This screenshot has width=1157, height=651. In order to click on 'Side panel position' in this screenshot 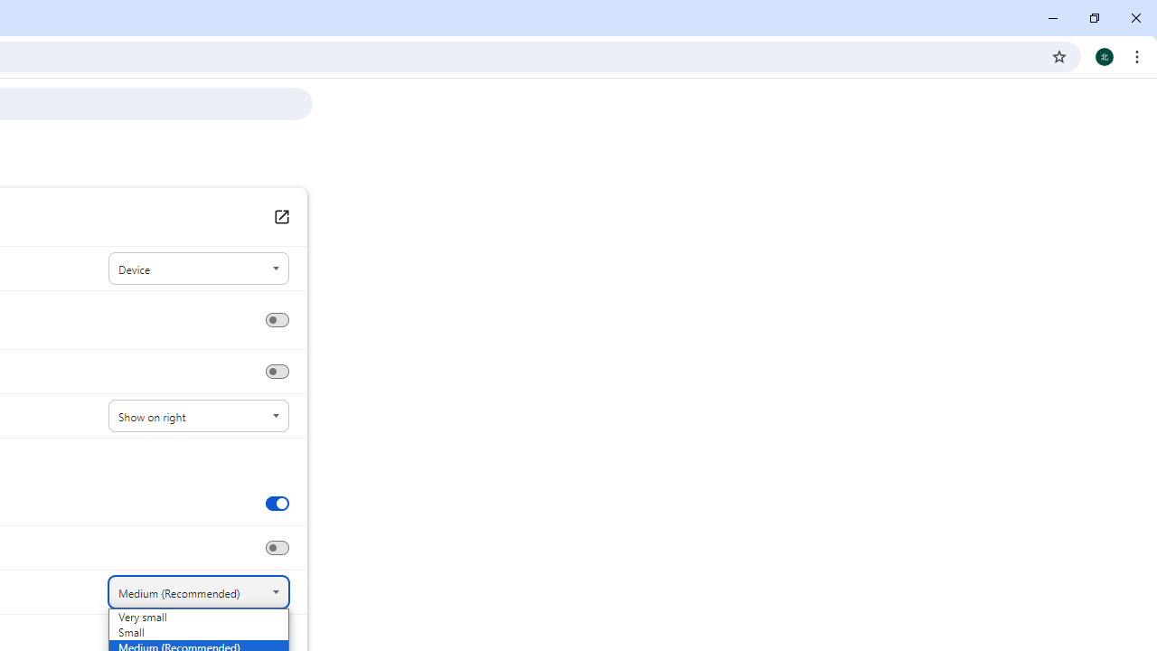, I will do `click(198, 416)`.